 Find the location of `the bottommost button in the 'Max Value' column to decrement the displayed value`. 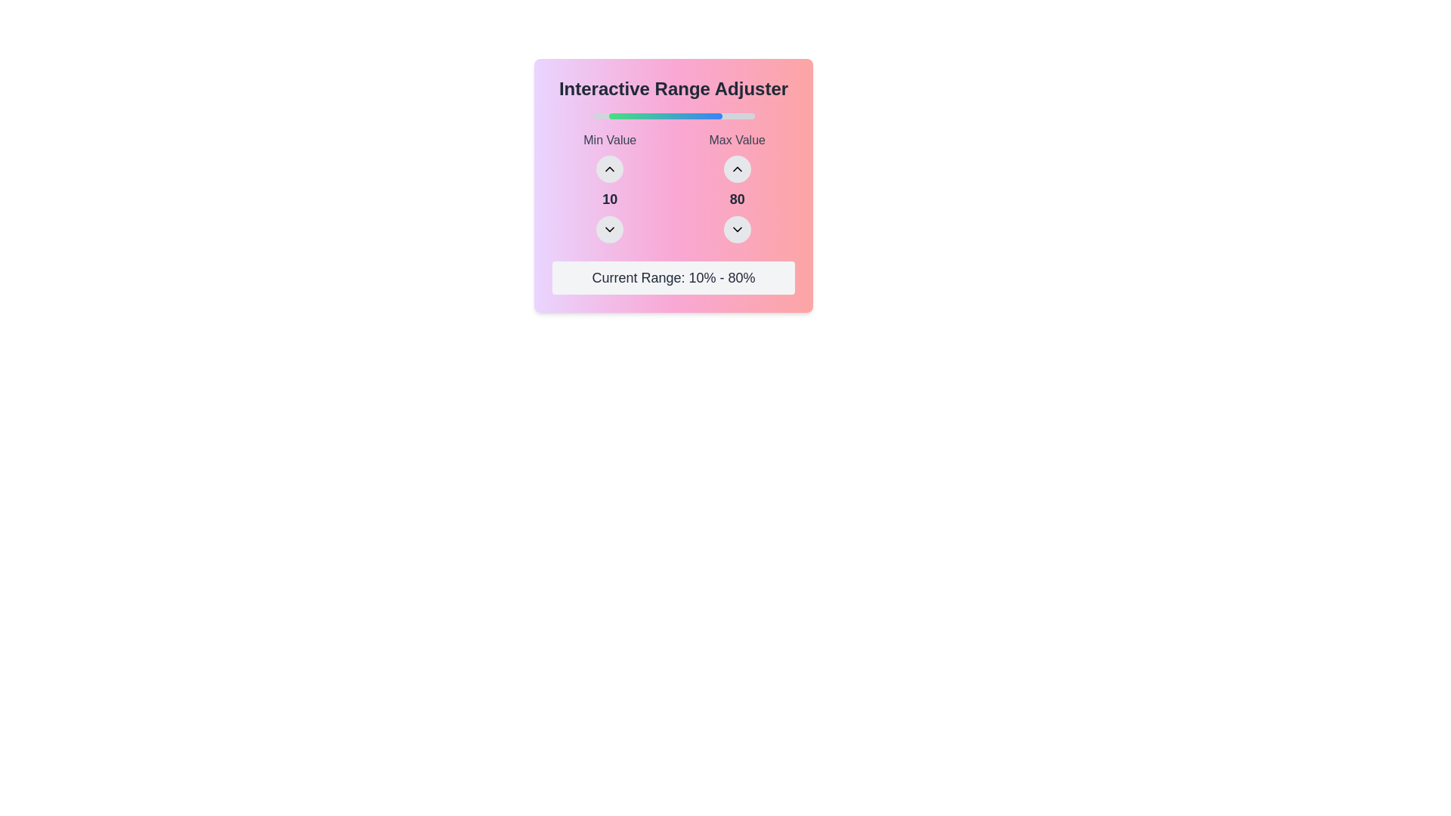

the bottommost button in the 'Max Value' column to decrement the displayed value is located at coordinates (737, 230).